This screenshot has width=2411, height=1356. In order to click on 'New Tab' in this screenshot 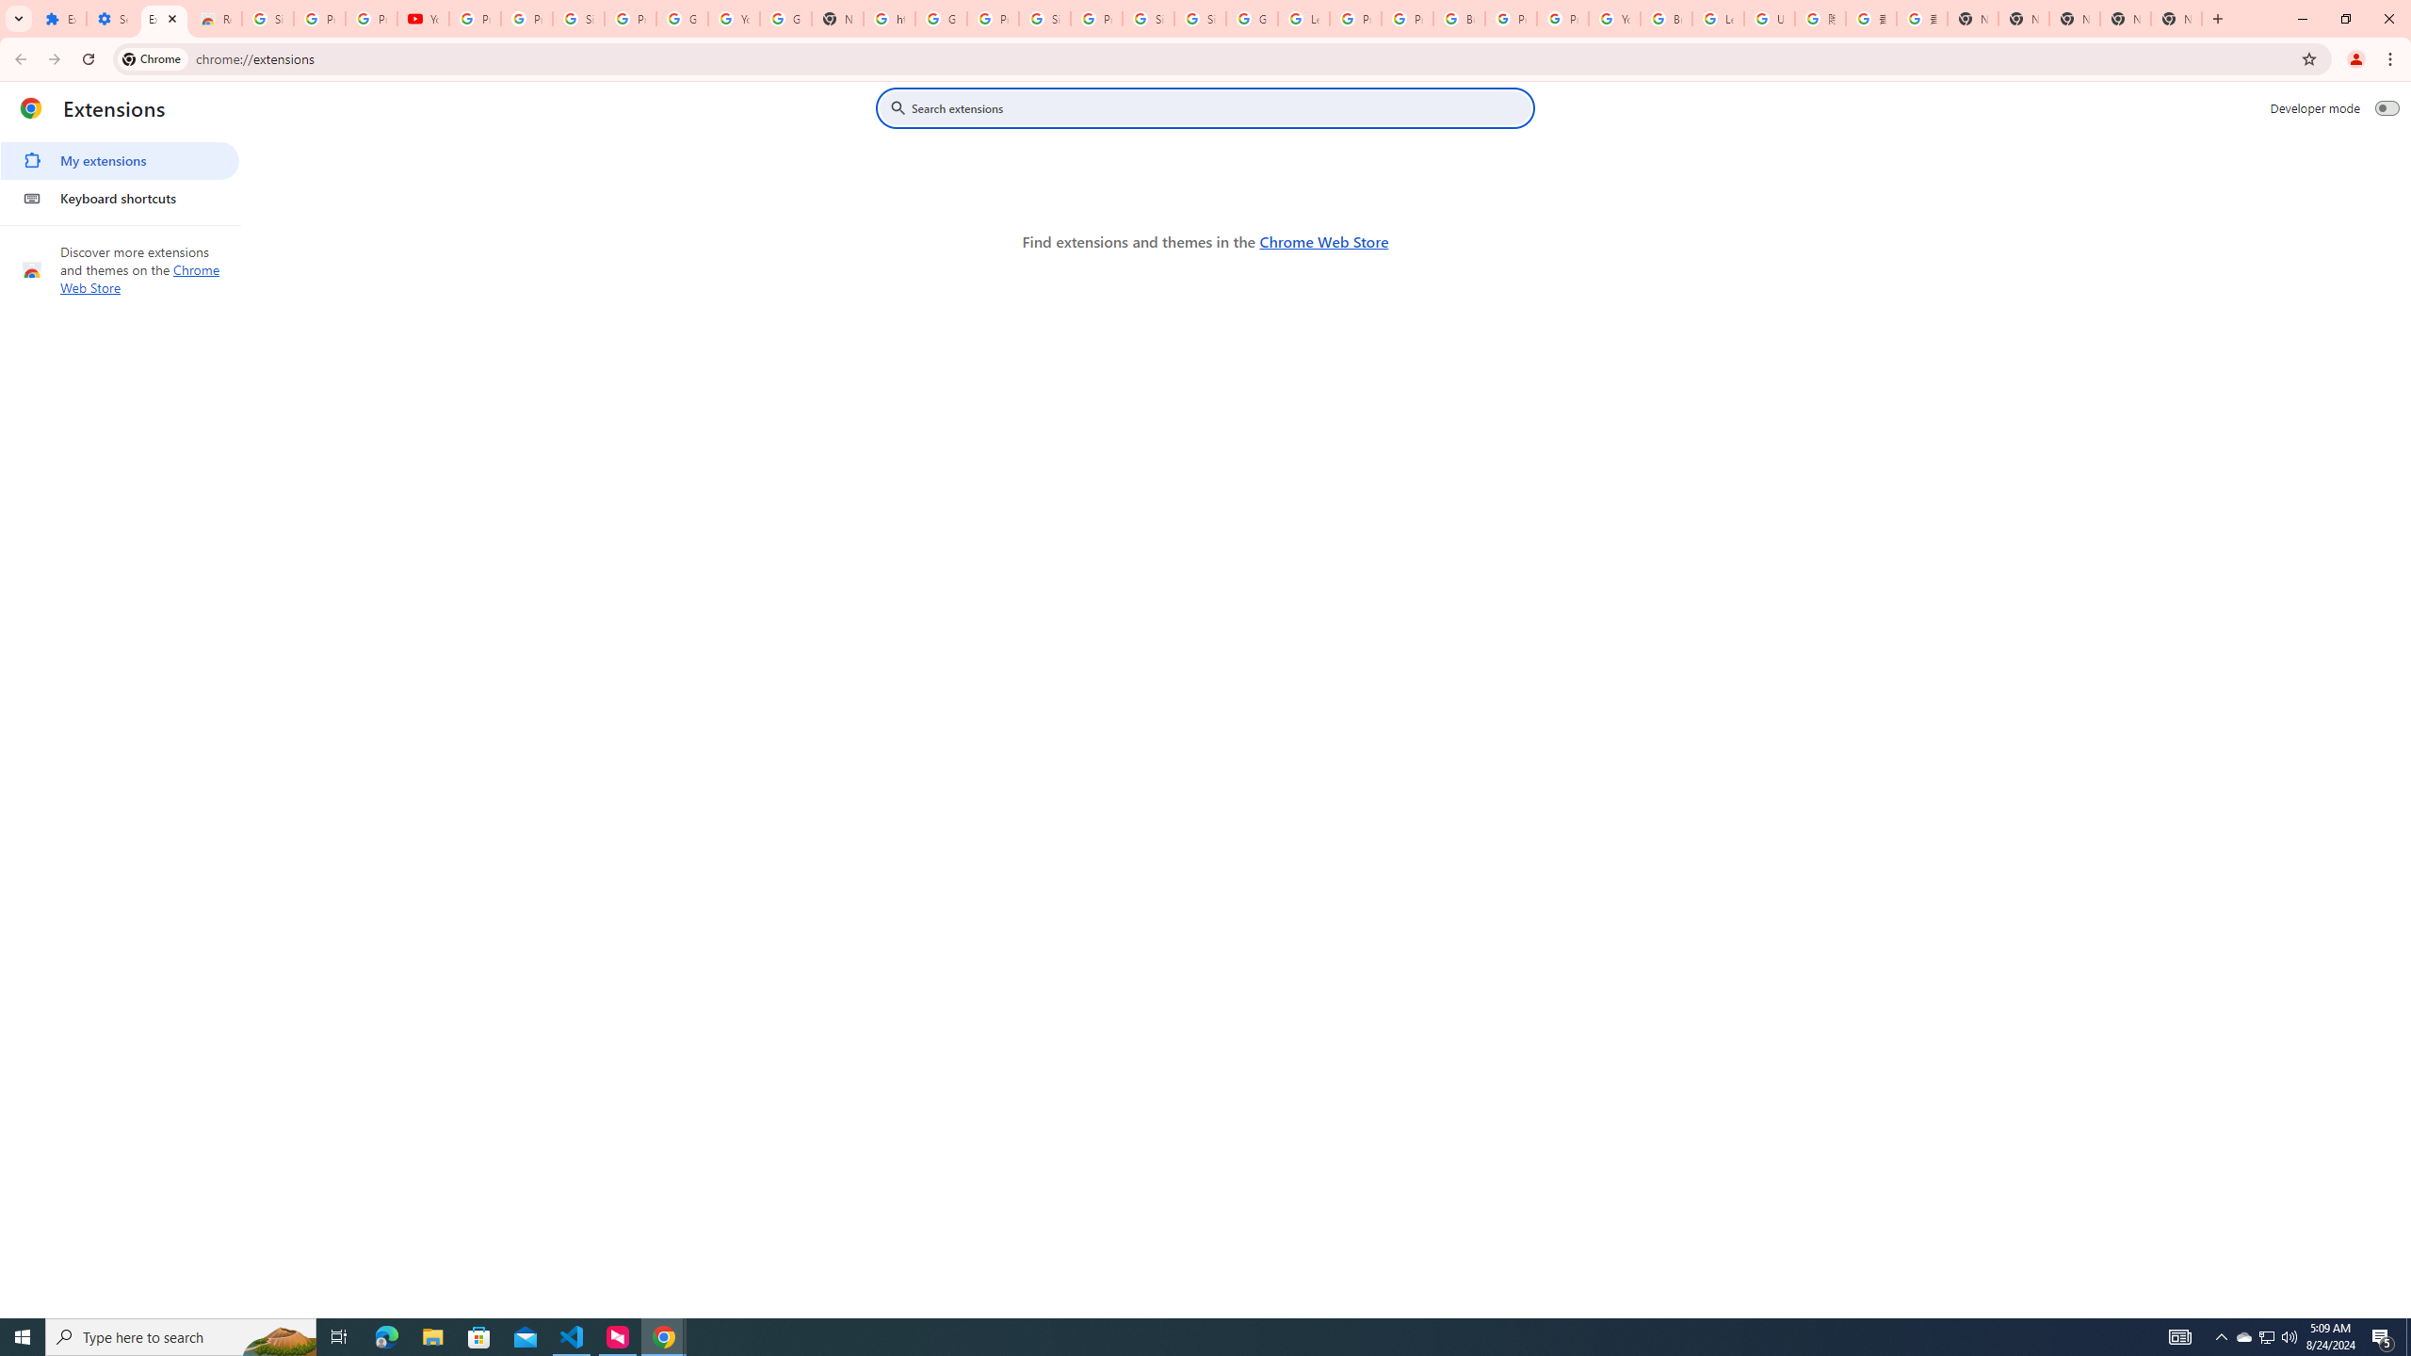, I will do `click(2176, 18)`.